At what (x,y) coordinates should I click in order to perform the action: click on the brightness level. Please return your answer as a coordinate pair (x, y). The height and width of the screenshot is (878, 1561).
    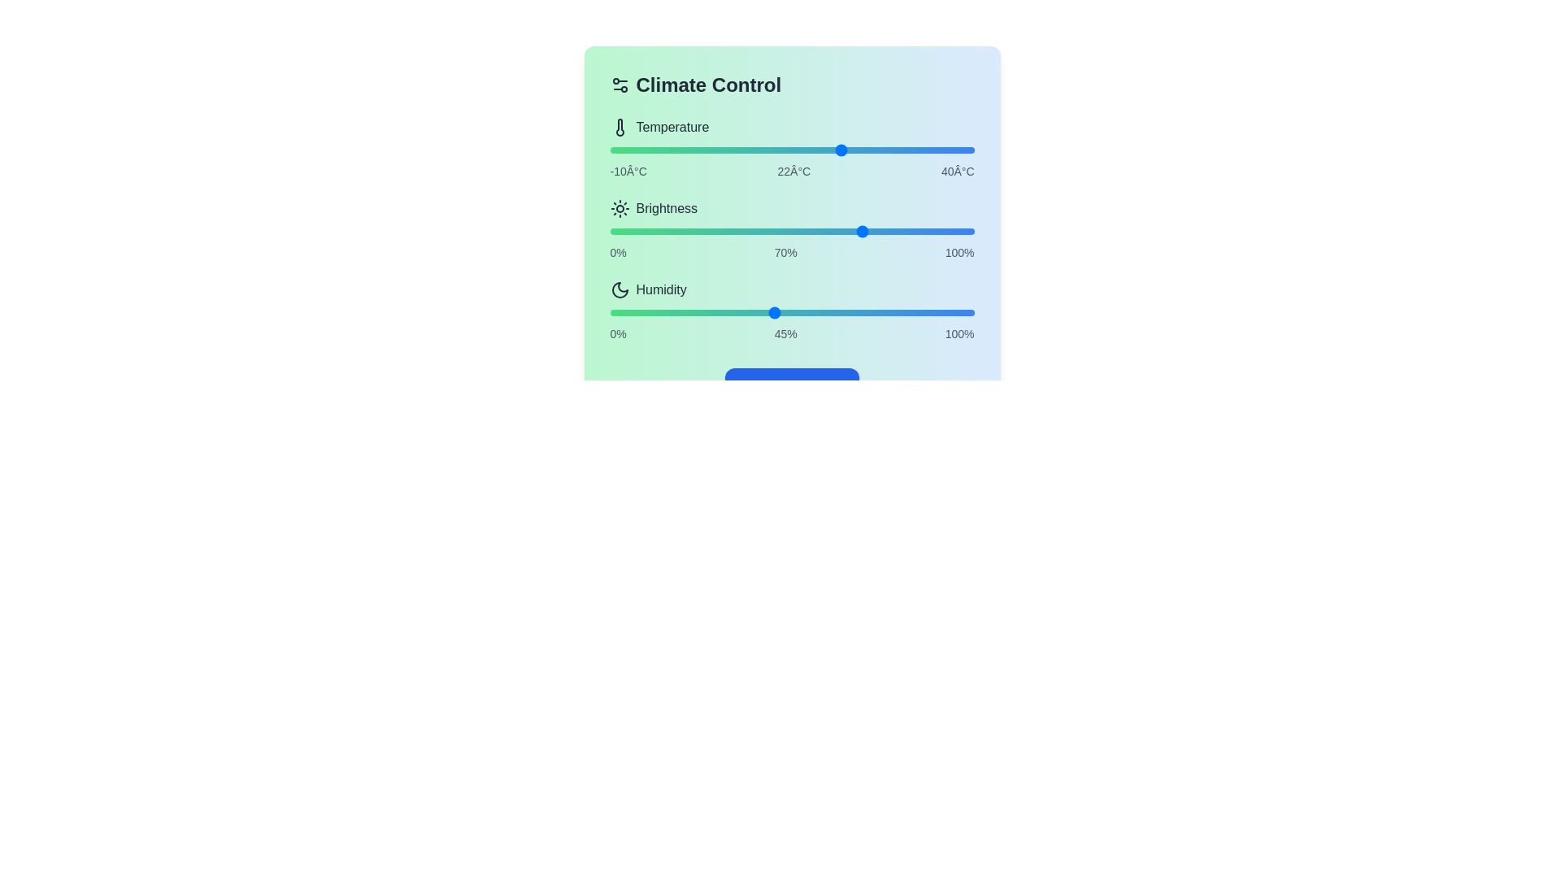
    Looking at the image, I should click on (698, 232).